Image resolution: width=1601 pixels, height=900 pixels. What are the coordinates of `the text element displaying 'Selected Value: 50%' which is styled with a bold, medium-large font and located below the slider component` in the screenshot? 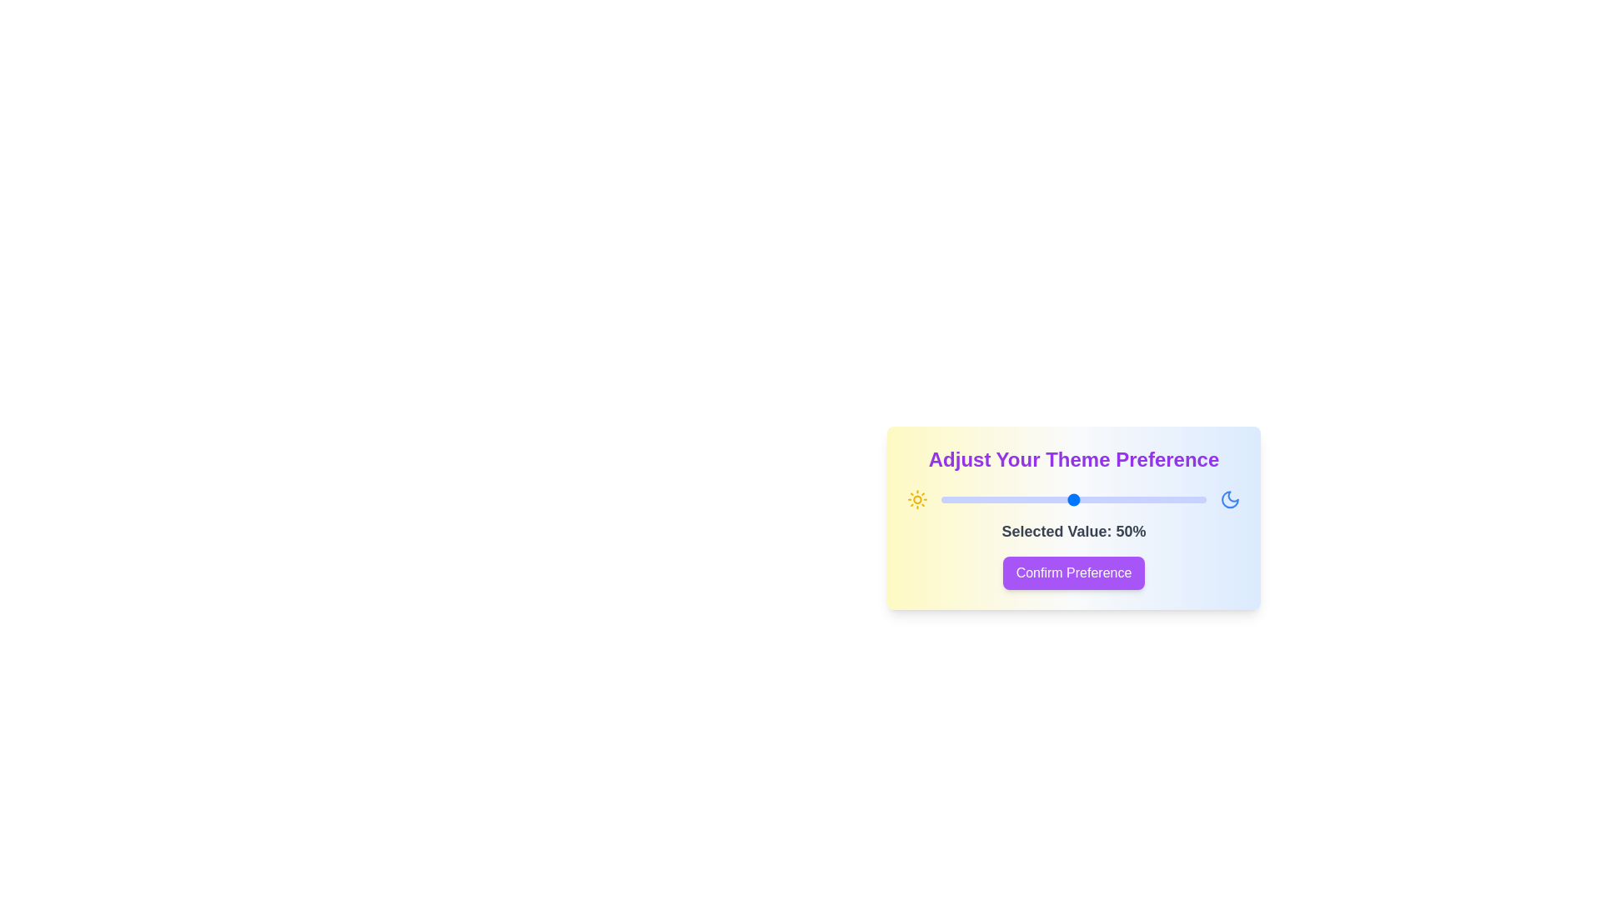 It's located at (1073, 531).